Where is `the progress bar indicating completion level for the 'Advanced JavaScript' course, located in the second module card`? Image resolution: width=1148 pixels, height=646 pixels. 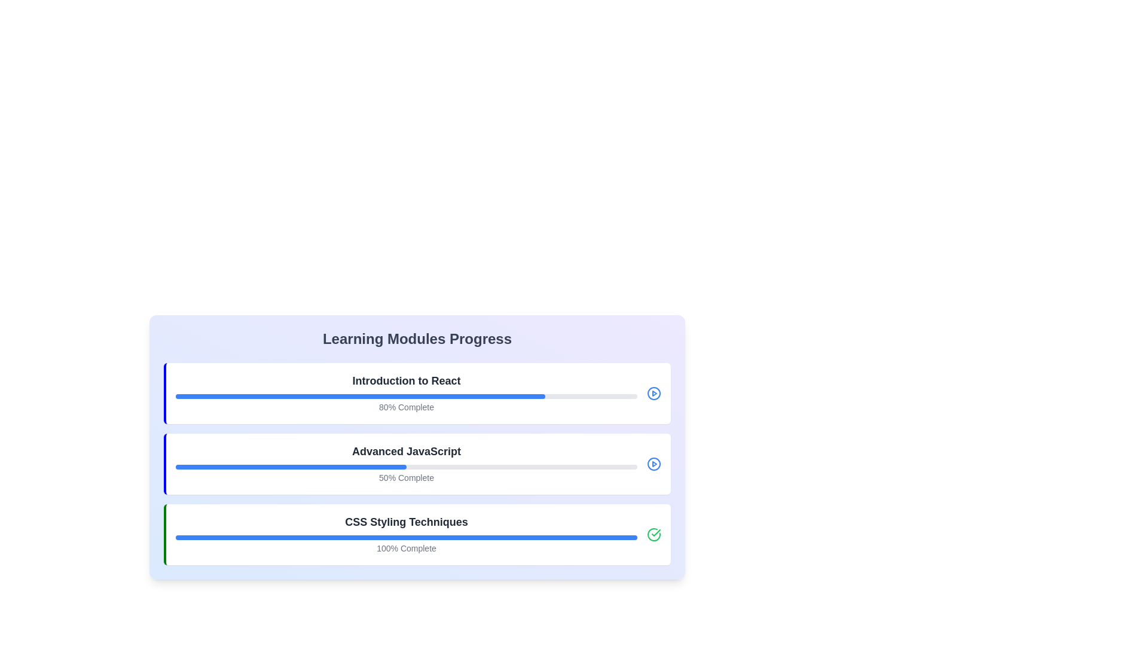
the progress bar indicating completion level for the 'Advanced JavaScript' course, located in the second module card is located at coordinates (407, 463).